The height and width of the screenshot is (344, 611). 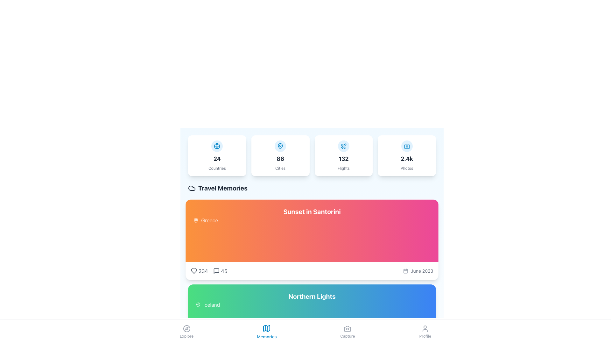 What do you see at coordinates (343, 146) in the screenshot?
I see `the small circular icon with a light blue background featuring a plane symbol in blue, located at the top-central area of the card displaying '132 Flights.'` at bounding box center [343, 146].